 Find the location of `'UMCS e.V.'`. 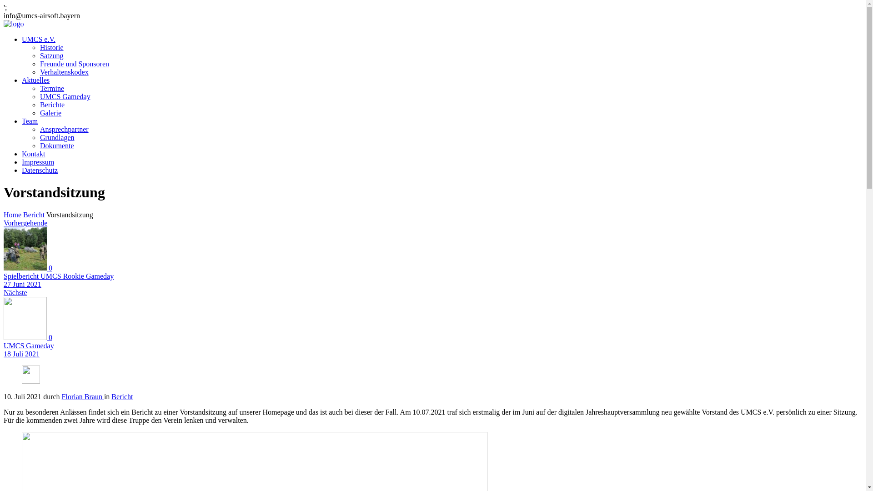

'UMCS e.V.' is located at coordinates (38, 39).